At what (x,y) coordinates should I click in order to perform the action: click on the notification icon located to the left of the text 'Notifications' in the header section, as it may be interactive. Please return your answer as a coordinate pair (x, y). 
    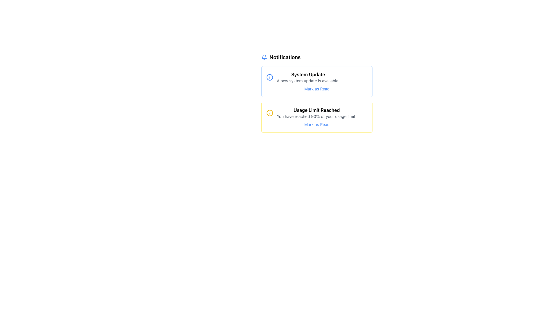
    Looking at the image, I should click on (264, 57).